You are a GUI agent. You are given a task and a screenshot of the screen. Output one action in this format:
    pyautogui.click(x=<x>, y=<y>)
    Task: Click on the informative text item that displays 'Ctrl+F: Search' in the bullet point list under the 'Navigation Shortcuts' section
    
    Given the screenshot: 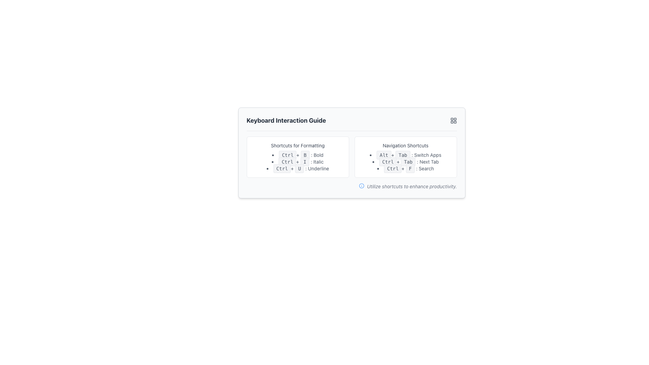 What is the action you would take?
    pyautogui.click(x=406, y=168)
    